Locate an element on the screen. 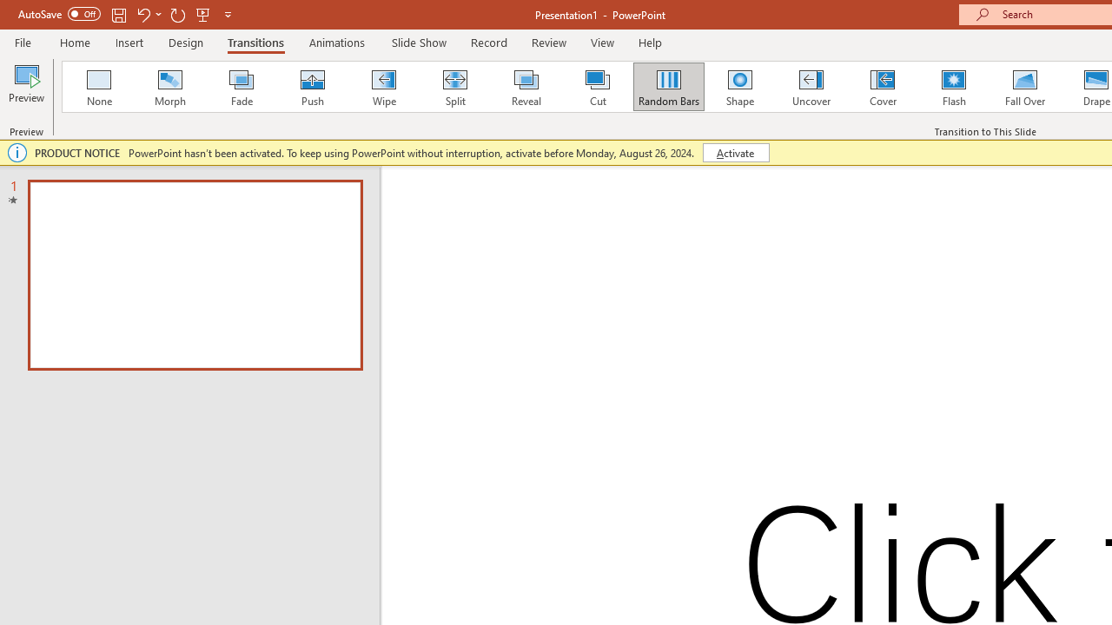 This screenshot has width=1112, height=625. 'Activate' is located at coordinates (736, 152).